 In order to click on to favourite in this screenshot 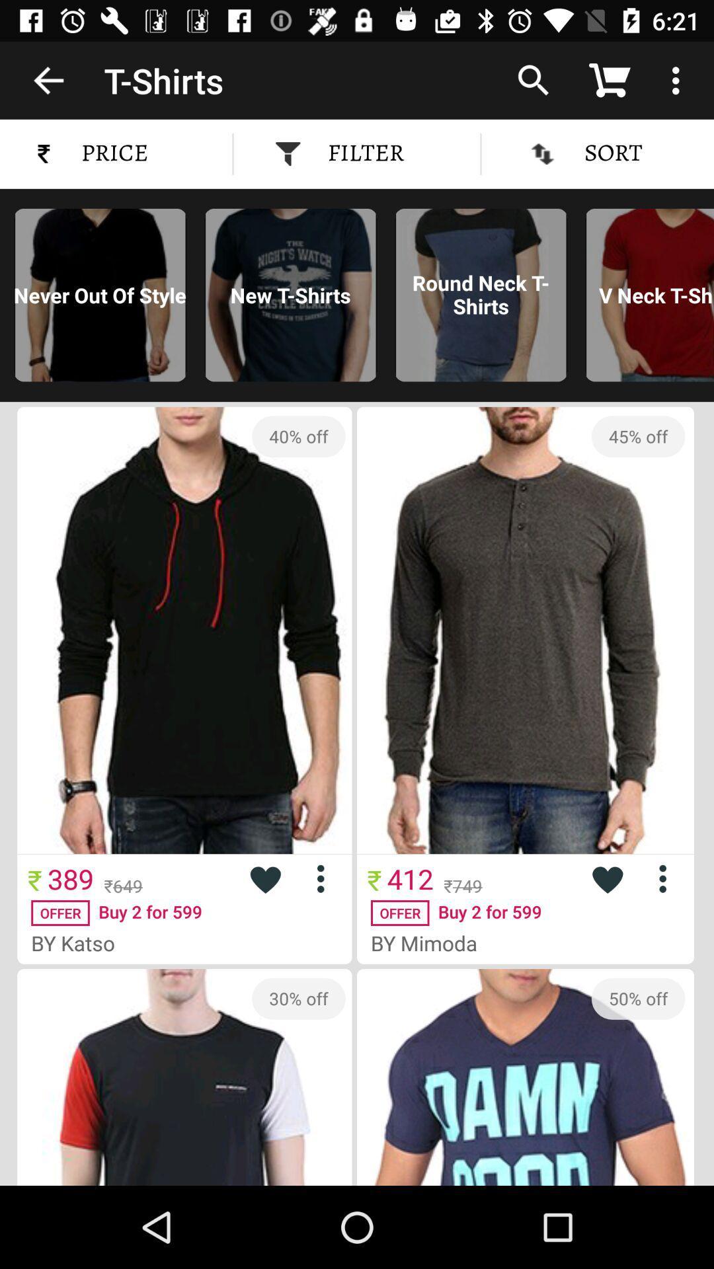, I will do `click(265, 878)`.